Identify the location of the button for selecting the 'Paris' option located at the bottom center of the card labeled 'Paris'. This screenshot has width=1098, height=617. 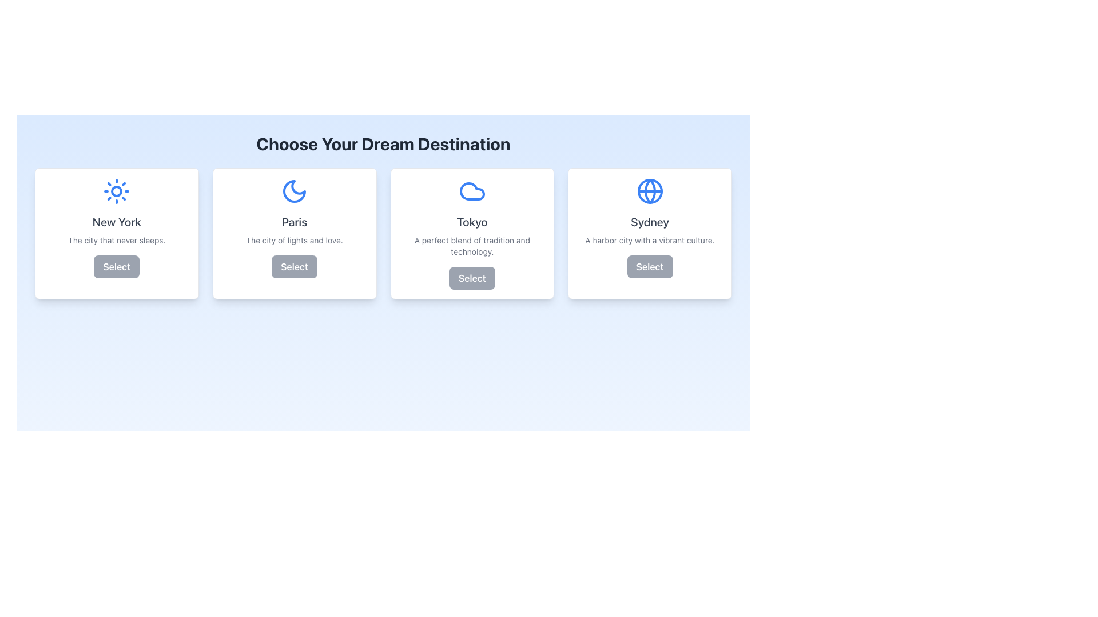
(295, 266).